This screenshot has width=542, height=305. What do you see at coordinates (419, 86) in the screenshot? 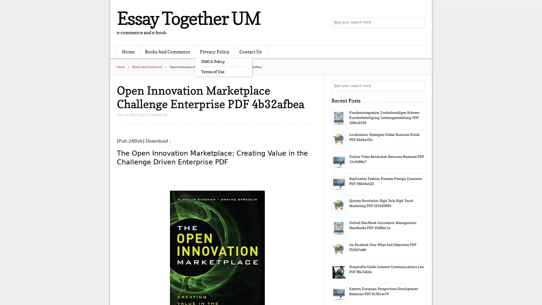
I see `Search` at bounding box center [419, 86].